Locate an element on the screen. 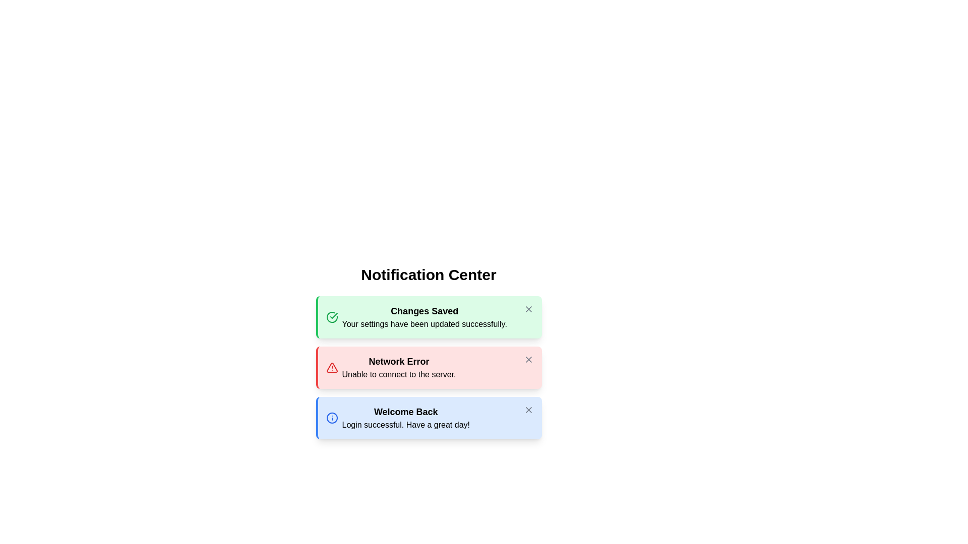  the success notification message indicating that settings have been updated, which is located in the topmost green notification card to the right of the checkmark icon is located at coordinates (416, 316).